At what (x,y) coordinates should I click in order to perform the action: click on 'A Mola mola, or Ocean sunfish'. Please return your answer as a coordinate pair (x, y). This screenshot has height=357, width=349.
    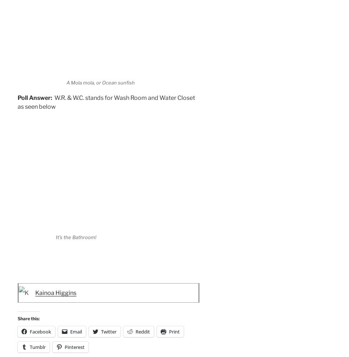
    Looking at the image, I should click on (100, 82).